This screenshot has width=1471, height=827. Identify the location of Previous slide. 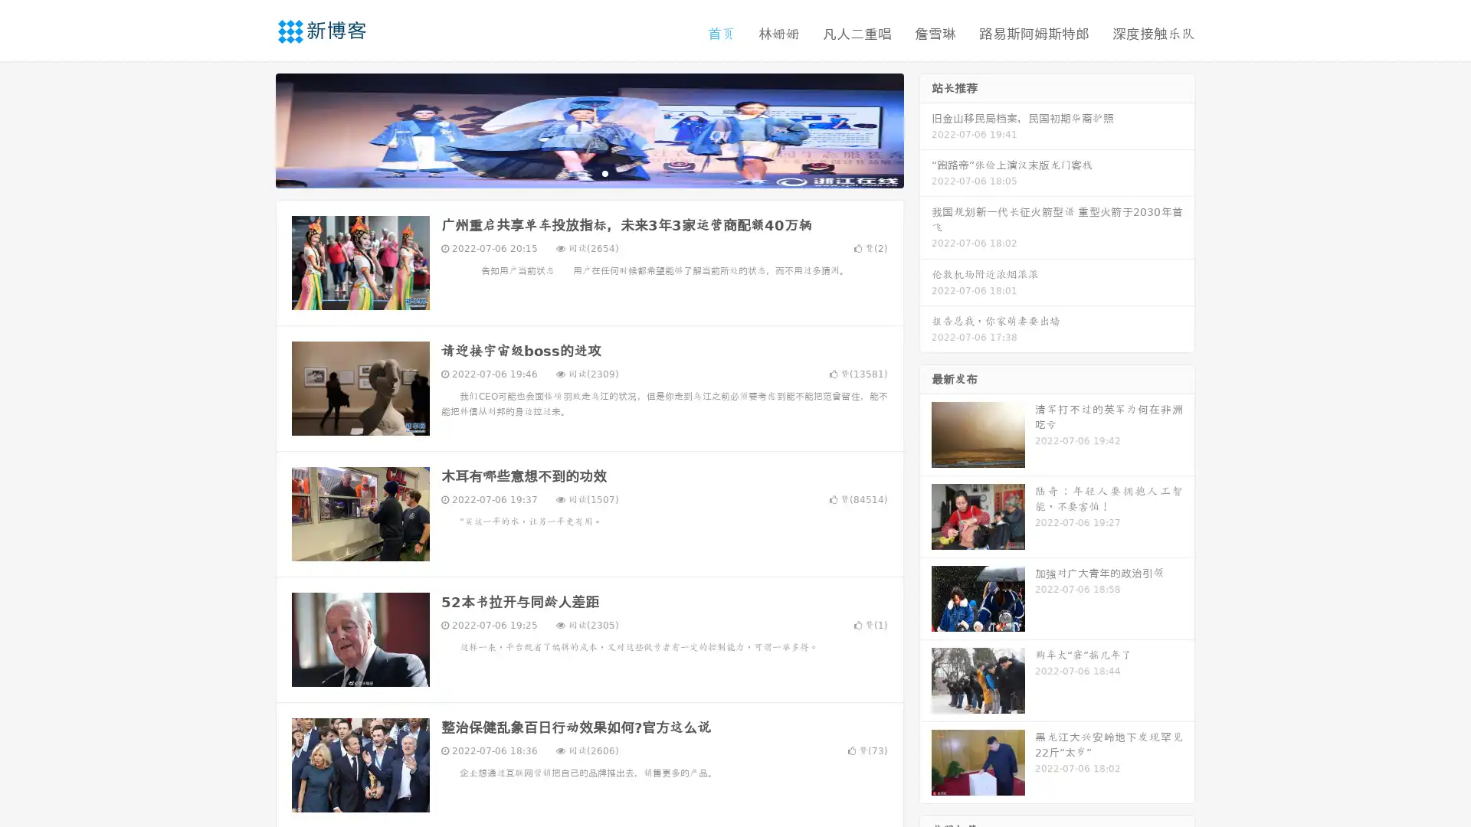
(253, 129).